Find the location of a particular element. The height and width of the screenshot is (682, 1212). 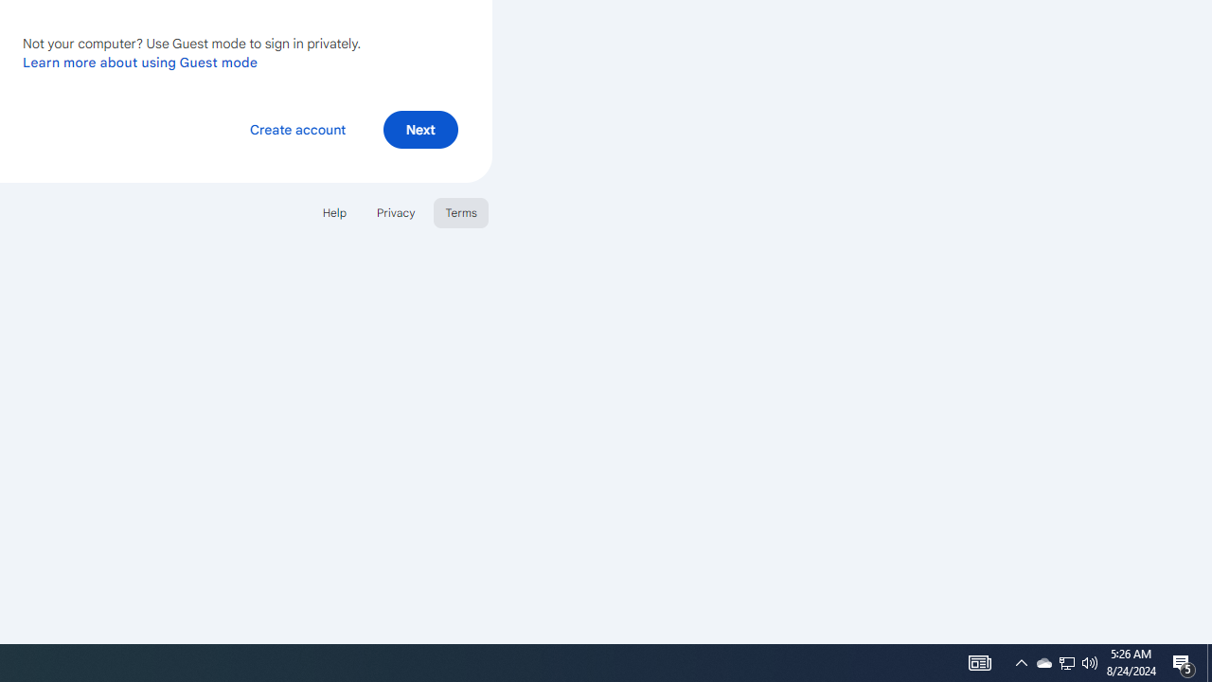

'Create account' is located at coordinates (296, 128).